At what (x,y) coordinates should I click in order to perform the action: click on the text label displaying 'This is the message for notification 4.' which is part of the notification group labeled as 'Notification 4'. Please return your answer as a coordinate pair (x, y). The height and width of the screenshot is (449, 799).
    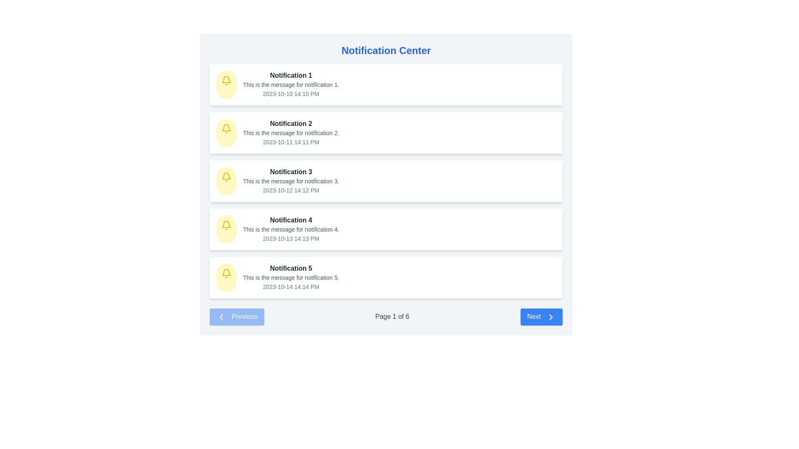
    Looking at the image, I should click on (291, 229).